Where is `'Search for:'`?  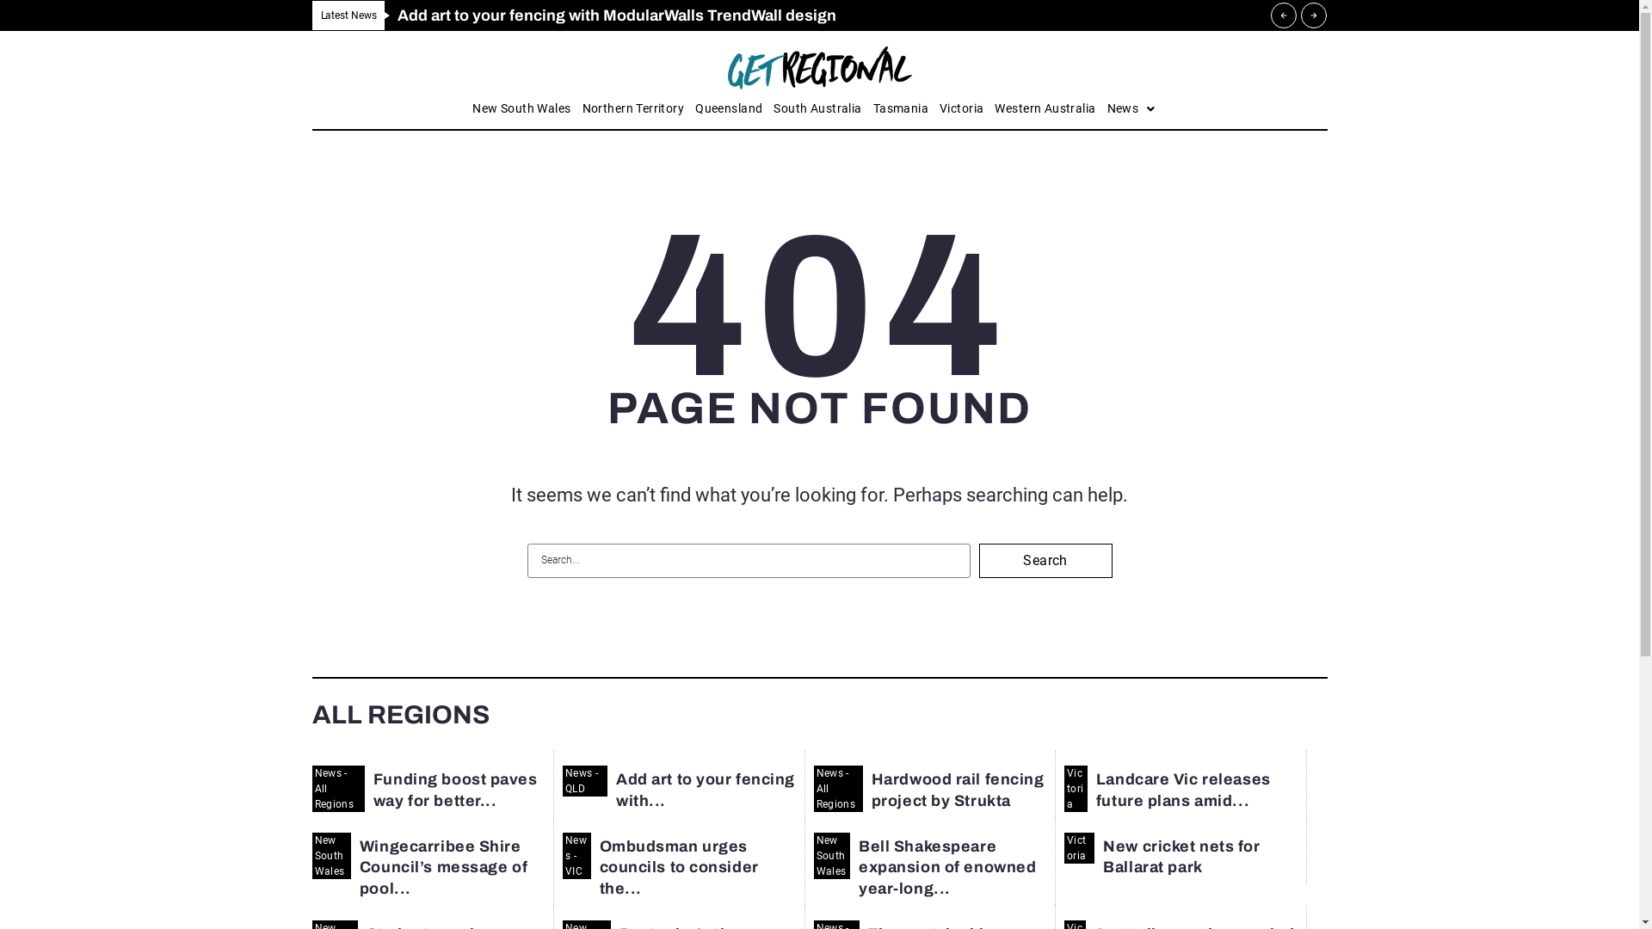 'Search for:' is located at coordinates (748, 560).